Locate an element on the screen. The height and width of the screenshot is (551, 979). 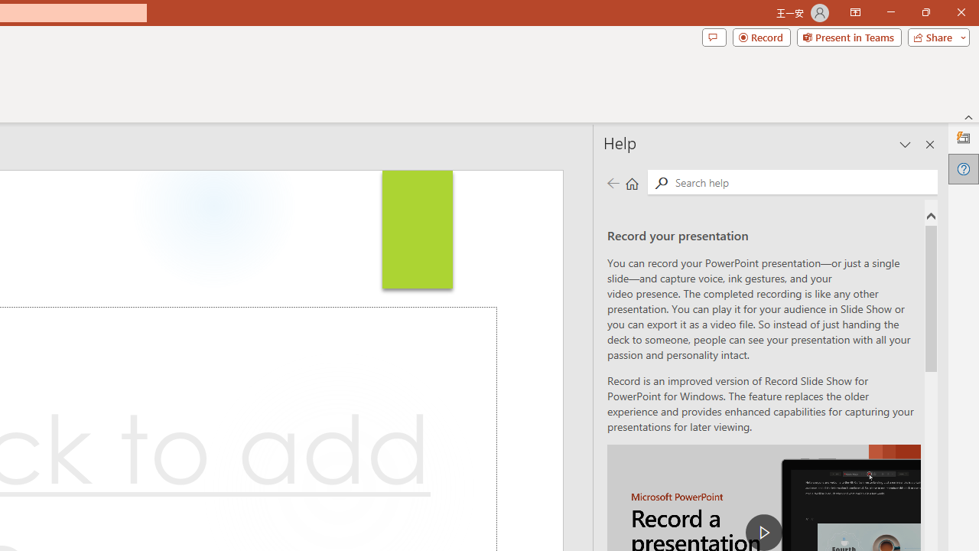
'Share' is located at coordinates (935, 36).